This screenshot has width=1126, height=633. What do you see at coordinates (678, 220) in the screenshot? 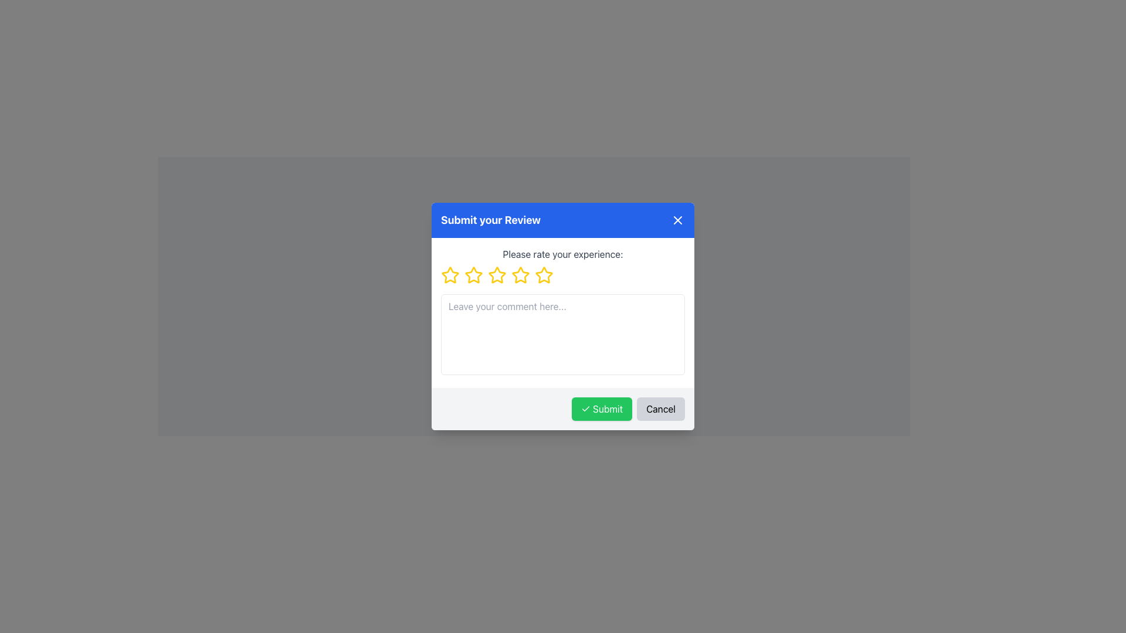
I see `the 'X' icon in the top-right corner of the blue header bar of the modal dialog titled 'Submit your Review'` at bounding box center [678, 220].